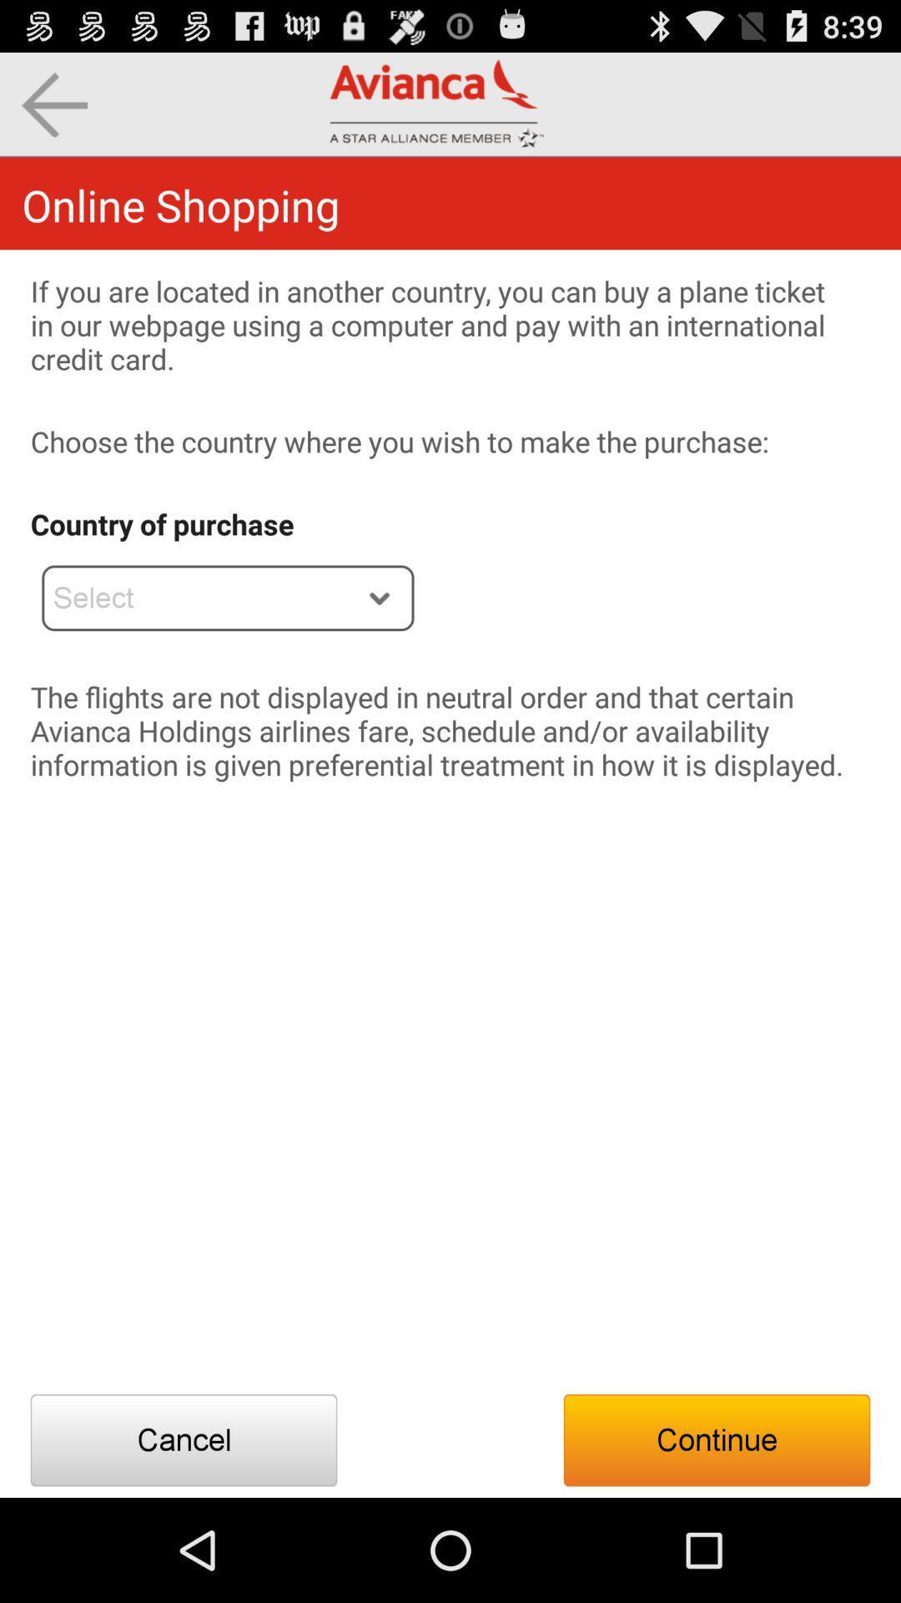  What do you see at coordinates (184, 1439) in the screenshot?
I see `button to the left of the continue item` at bounding box center [184, 1439].